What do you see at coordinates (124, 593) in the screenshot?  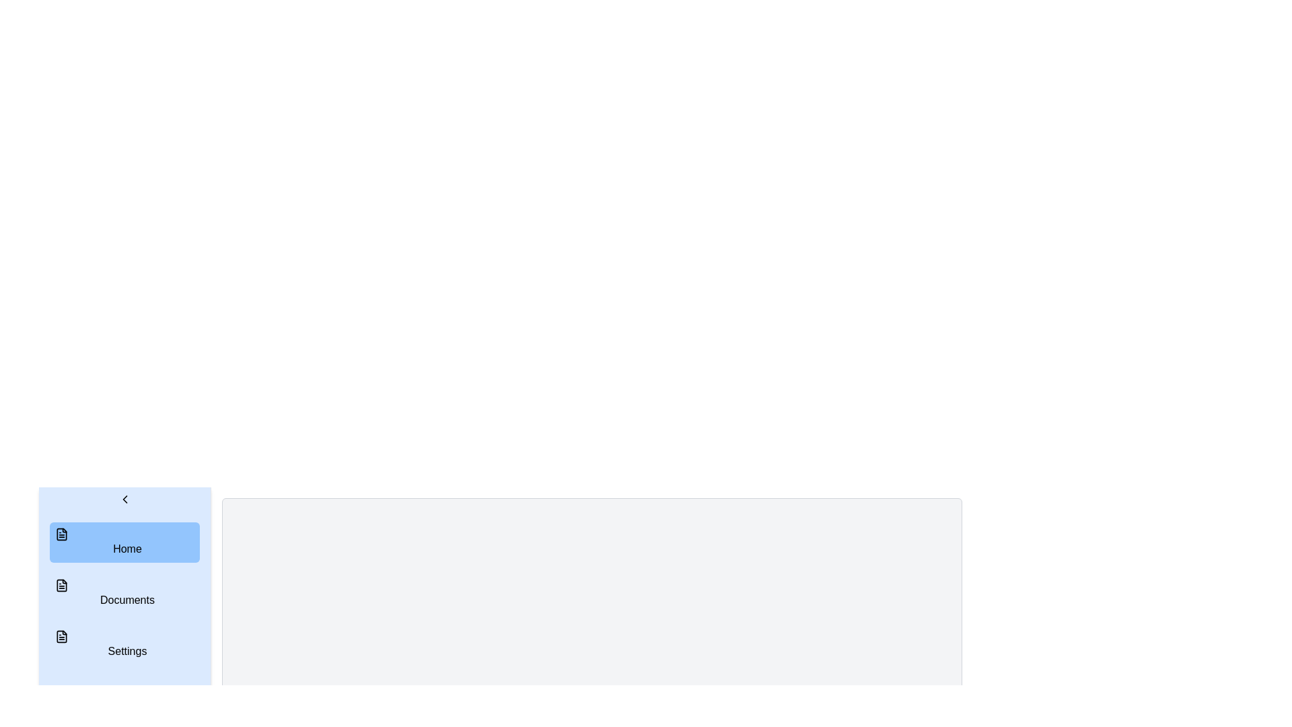 I see `the vertical list of navigational links with a light blue background` at bounding box center [124, 593].